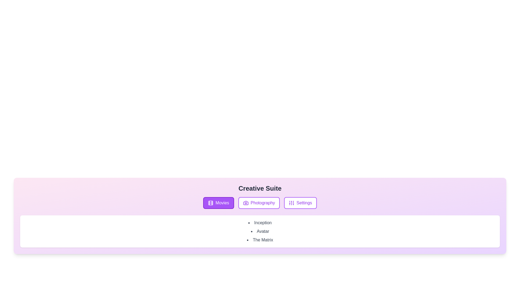 The height and width of the screenshot is (290, 516). I want to click on the first button in the horizontal row that activates the movies section, so click(218, 203).